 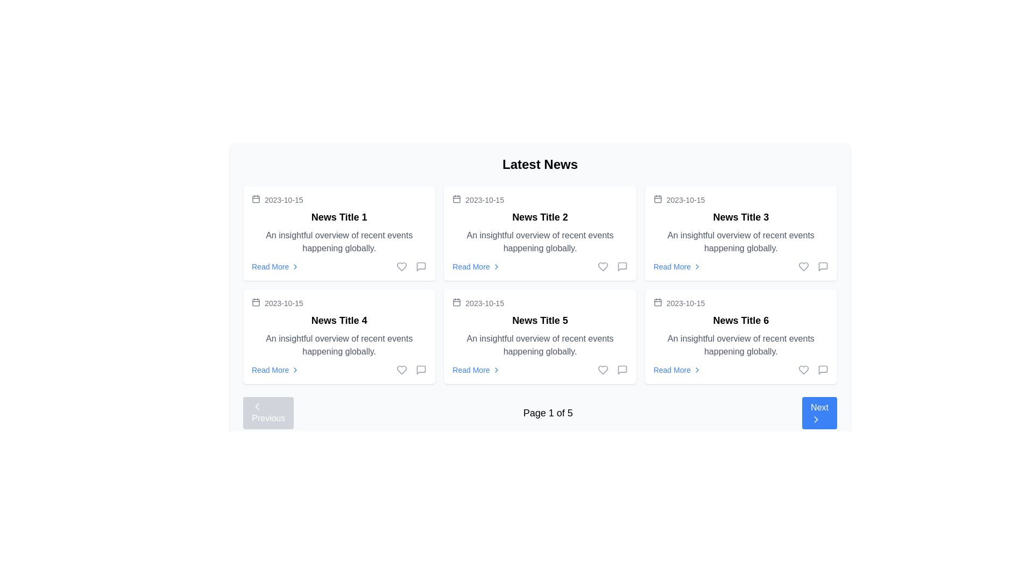 I want to click on static text label indicating the publication date above the 'News Title 2' card in the second column of the news grid layout, so click(x=484, y=200).